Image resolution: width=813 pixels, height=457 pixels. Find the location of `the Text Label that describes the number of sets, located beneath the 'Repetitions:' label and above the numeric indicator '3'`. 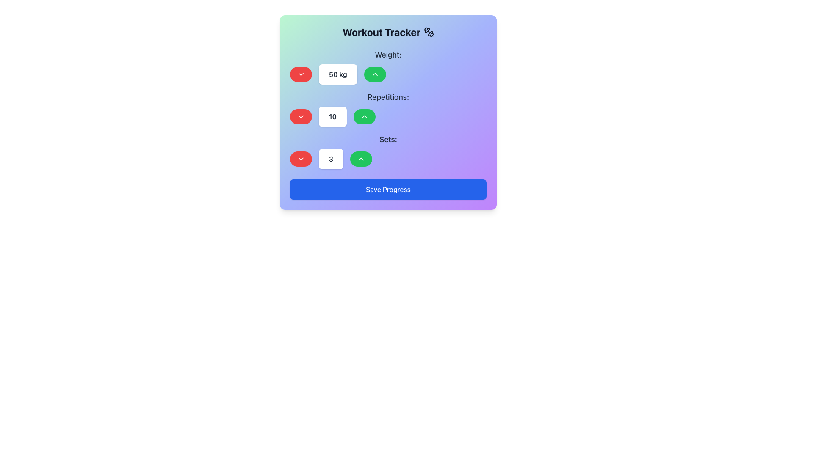

the Text Label that describes the number of sets, located beneath the 'Repetitions:' label and above the numeric indicator '3' is located at coordinates (387, 139).